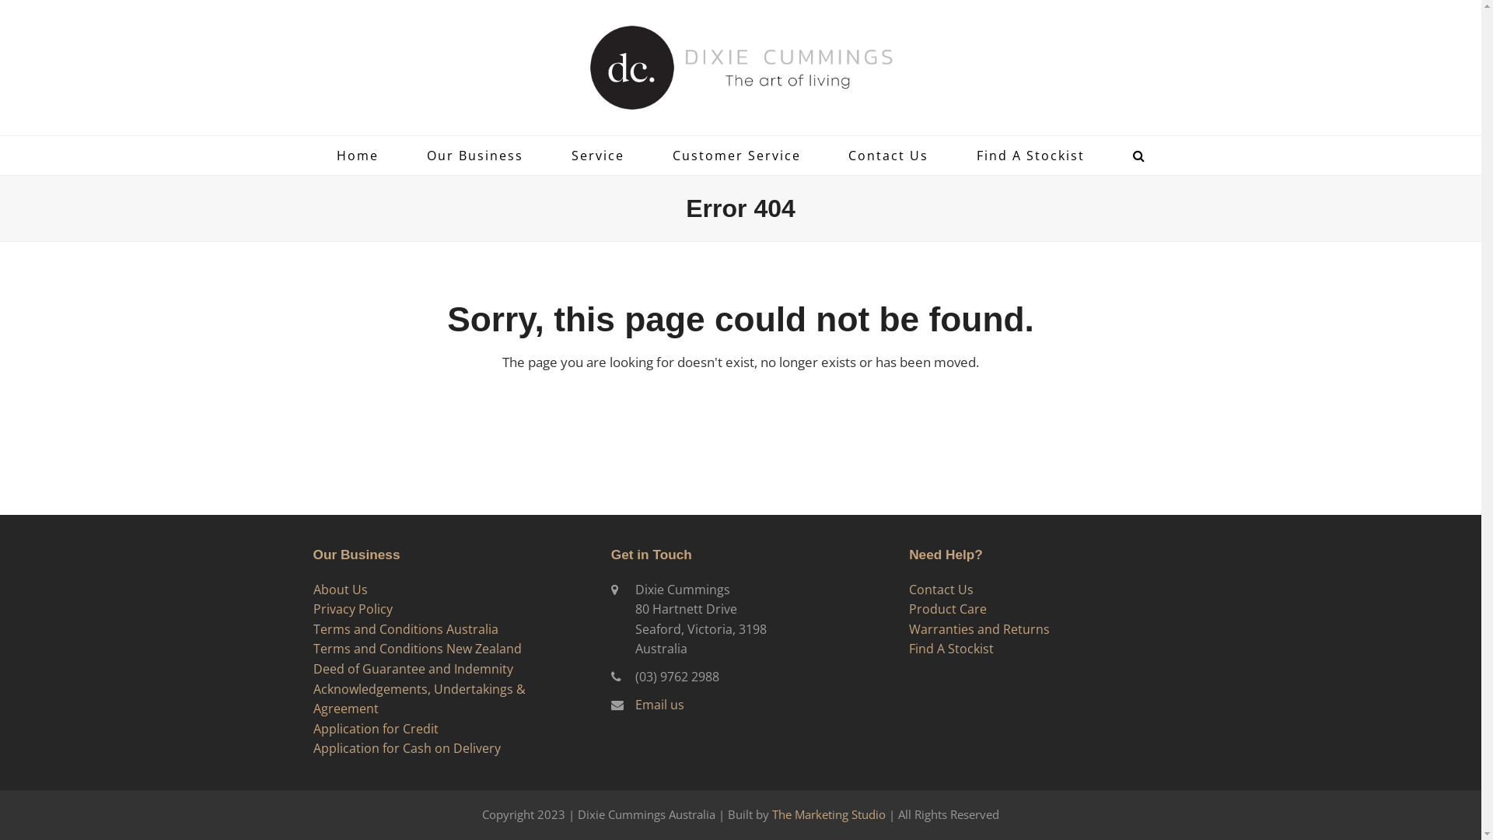 This screenshot has width=1493, height=840. What do you see at coordinates (418, 698) in the screenshot?
I see `'Acknowledgements, Undertakings & Agreement'` at bounding box center [418, 698].